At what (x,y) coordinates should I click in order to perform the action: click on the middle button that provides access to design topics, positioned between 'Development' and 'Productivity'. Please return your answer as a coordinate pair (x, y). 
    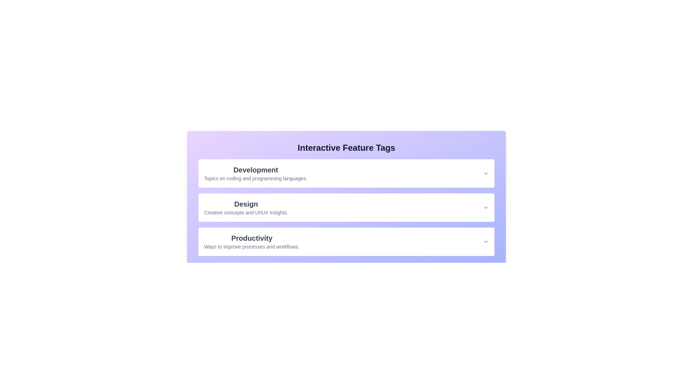
    Looking at the image, I should click on (346, 207).